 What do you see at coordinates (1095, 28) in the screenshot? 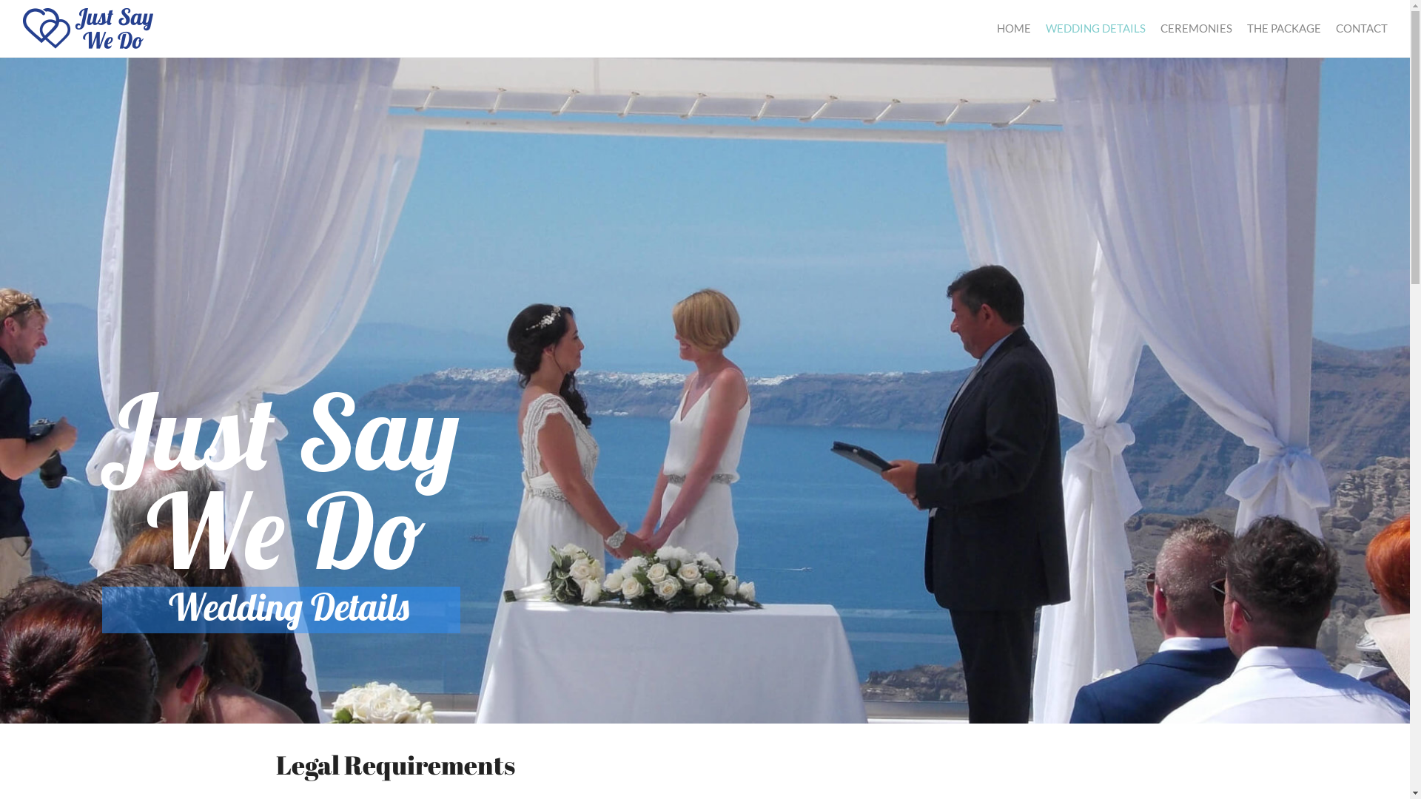
I see `'WEDDING DETAILS'` at bounding box center [1095, 28].